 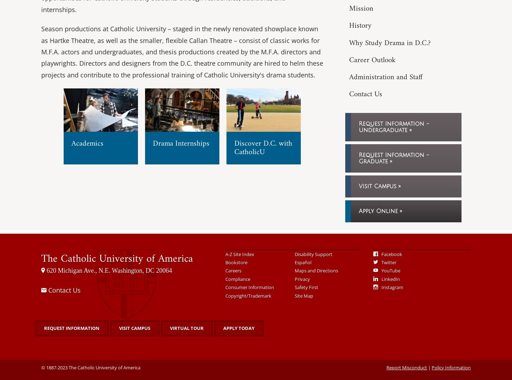 What do you see at coordinates (390, 270) in the screenshot?
I see `'YouTube'` at bounding box center [390, 270].